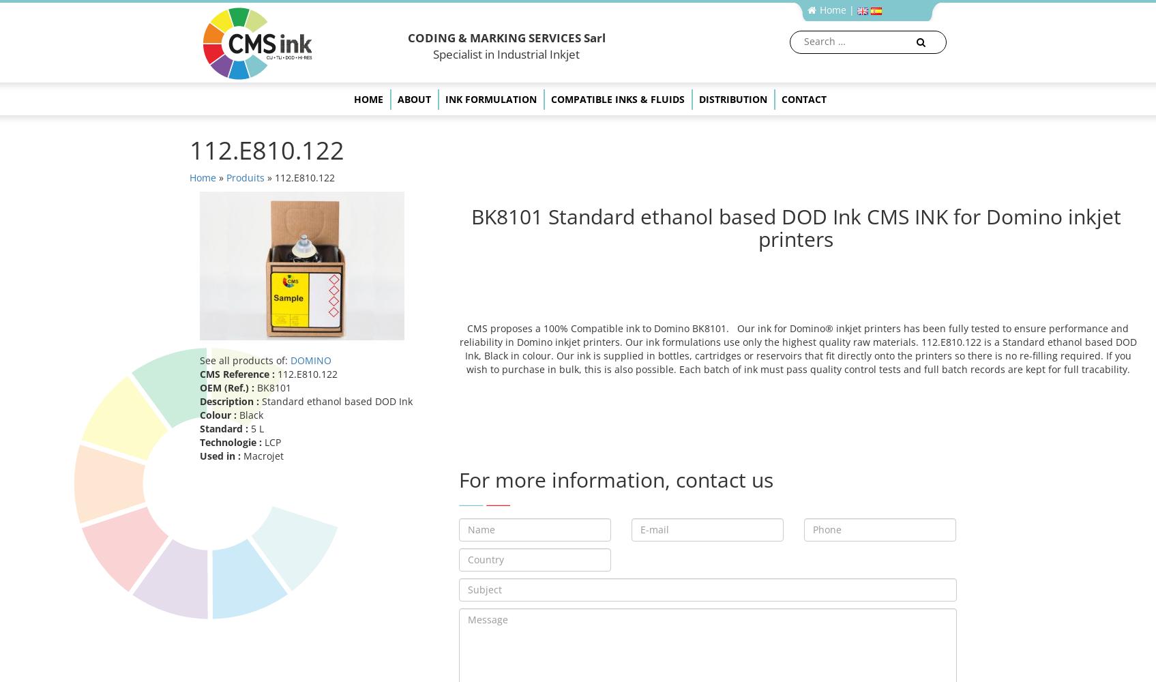 Image resolution: width=1156 pixels, height=682 pixels. I want to click on 'Specialist in Industrial Inkjet', so click(505, 53).